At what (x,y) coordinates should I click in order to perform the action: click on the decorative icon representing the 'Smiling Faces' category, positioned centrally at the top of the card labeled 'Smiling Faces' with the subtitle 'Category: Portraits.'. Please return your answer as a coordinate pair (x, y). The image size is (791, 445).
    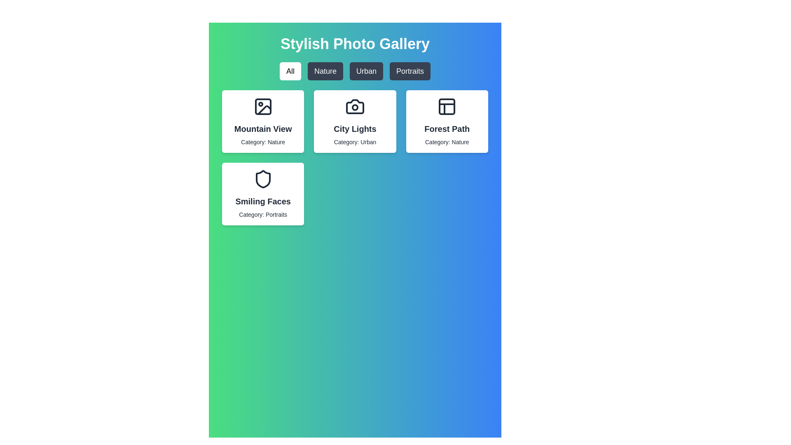
    Looking at the image, I should click on (262, 179).